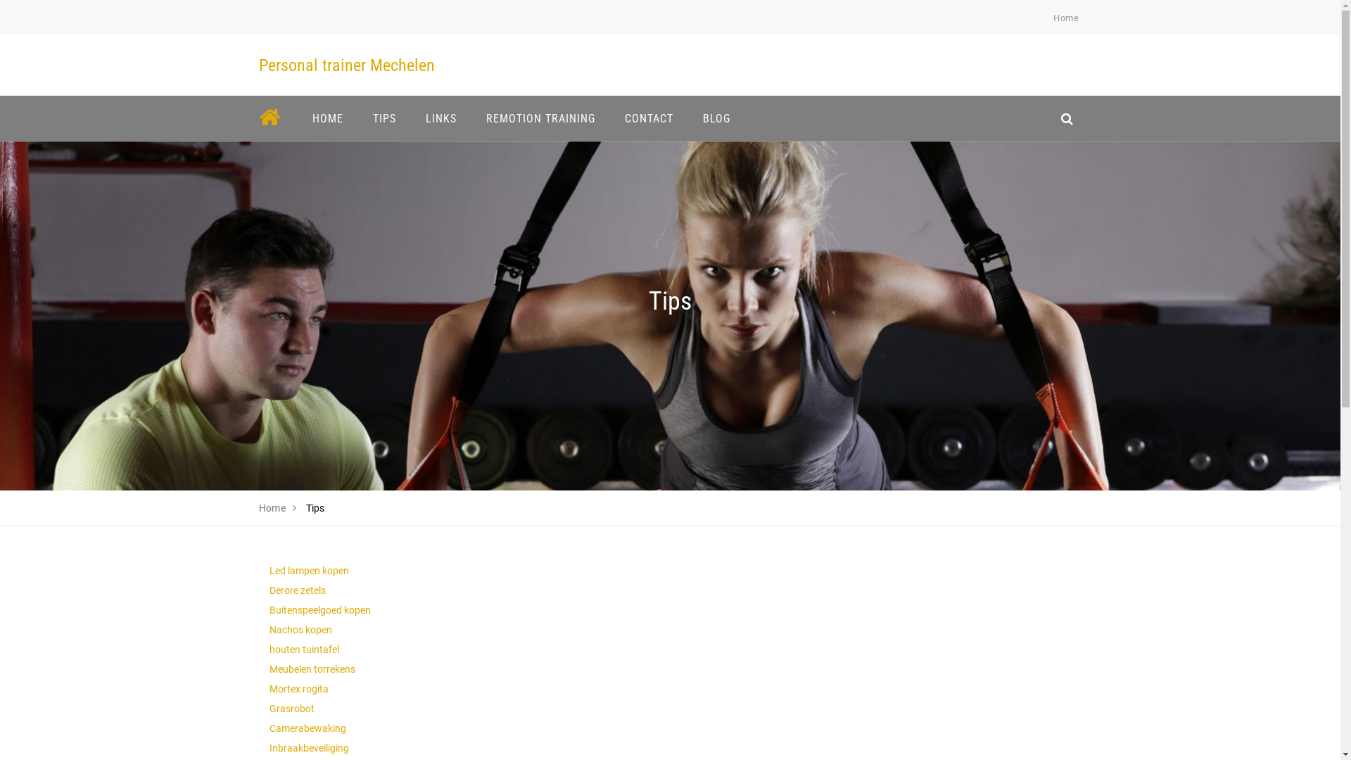 The width and height of the screenshot is (1351, 760). What do you see at coordinates (299, 628) in the screenshot?
I see `'Nachos kopen'` at bounding box center [299, 628].